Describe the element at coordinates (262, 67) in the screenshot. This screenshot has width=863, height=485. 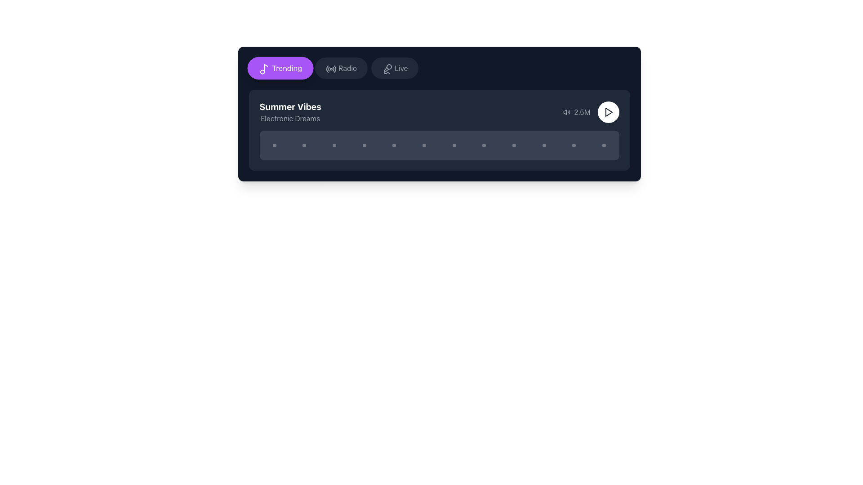
I see `the music icon located to the left of the purple 'Trending' button at the top-left region of the interface` at that location.